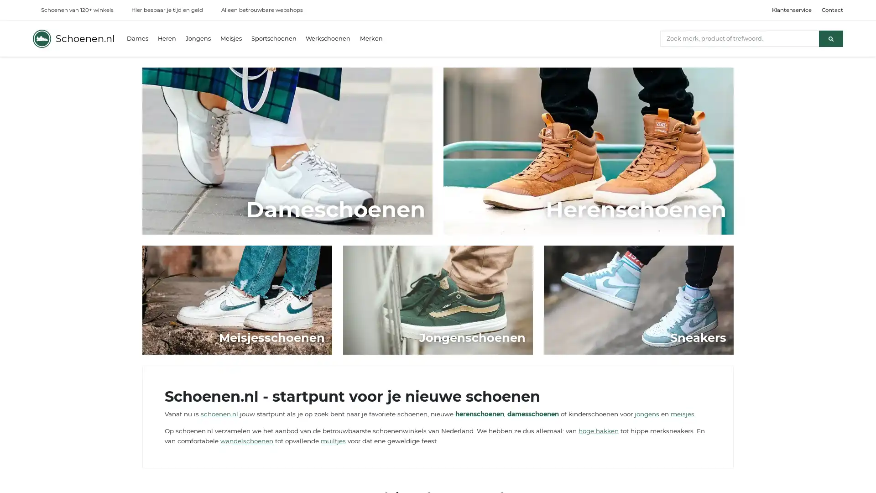 The width and height of the screenshot is (876, 493). Describe the element at coordinates (831, 38) in the screenshot. I see `Zoeken` at that location.